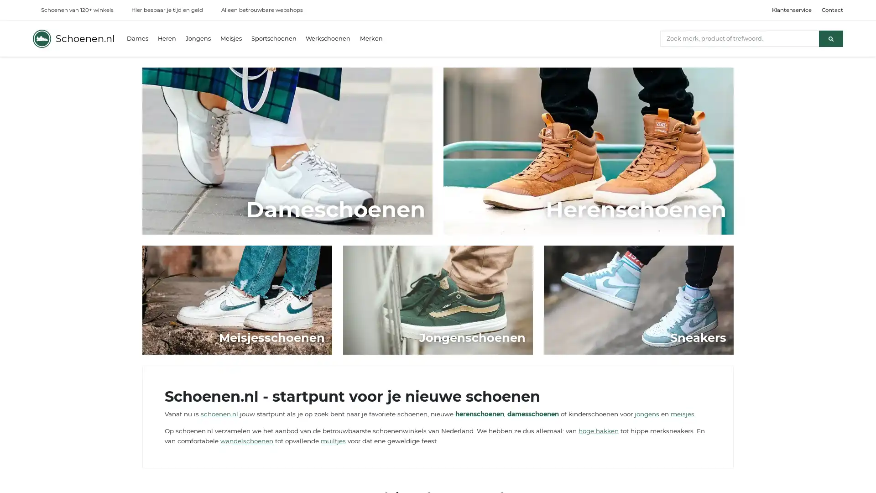 The width and height of the screenshot is (876, 493). Describe the element at coordinates (831, 38) in the screenshot. I see `Zoeken` at that location.